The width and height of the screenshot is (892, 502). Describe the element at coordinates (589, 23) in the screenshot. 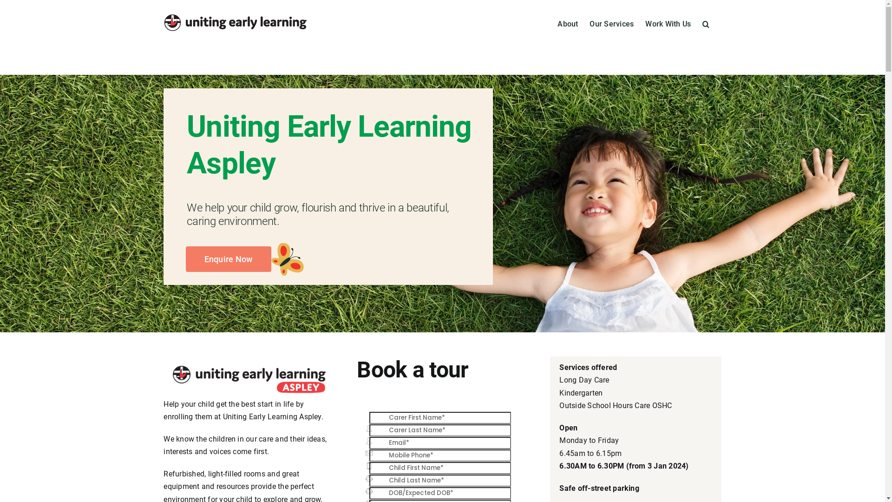

I see `'Our Services'` at that location.